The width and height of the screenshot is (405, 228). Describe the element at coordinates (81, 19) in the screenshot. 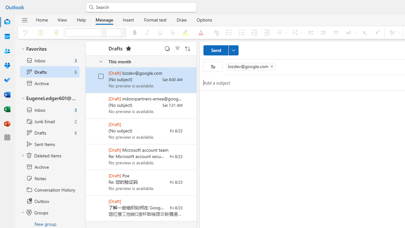

I see `'Help'` at that location.